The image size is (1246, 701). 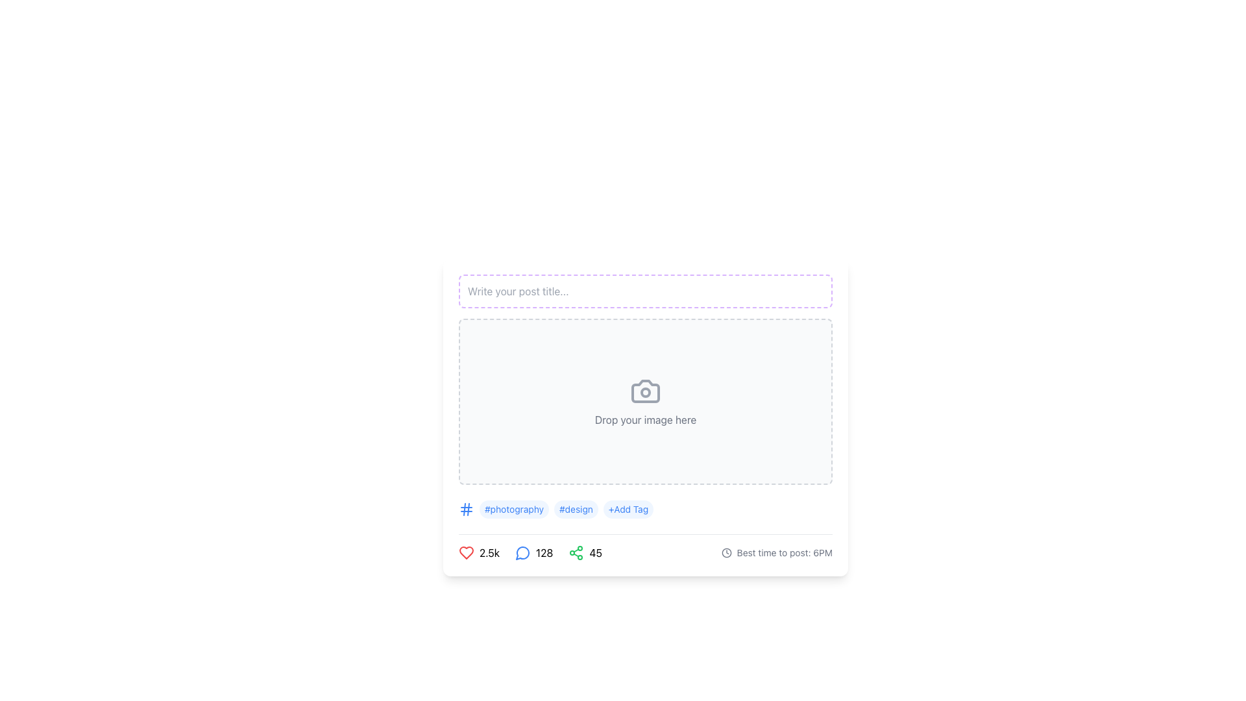 What do you see at coordinates (576, 553) in the screenshot?
I see `the green share icon, which consists of three connected circles forming a triangular pattern, located in the lower section of the interface next to the numeric indicator '45'` at bounding box center [576, 553].